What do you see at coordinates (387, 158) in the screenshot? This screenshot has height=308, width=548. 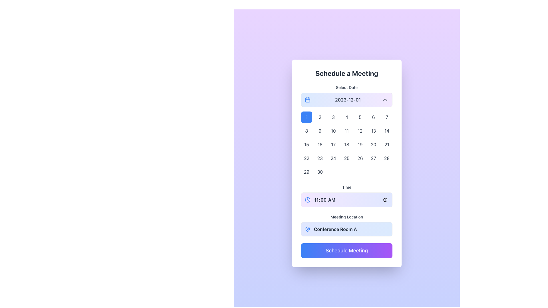 I see `the selectable day button for the 28th in the calendar interface` at bounding box center [387, 158].